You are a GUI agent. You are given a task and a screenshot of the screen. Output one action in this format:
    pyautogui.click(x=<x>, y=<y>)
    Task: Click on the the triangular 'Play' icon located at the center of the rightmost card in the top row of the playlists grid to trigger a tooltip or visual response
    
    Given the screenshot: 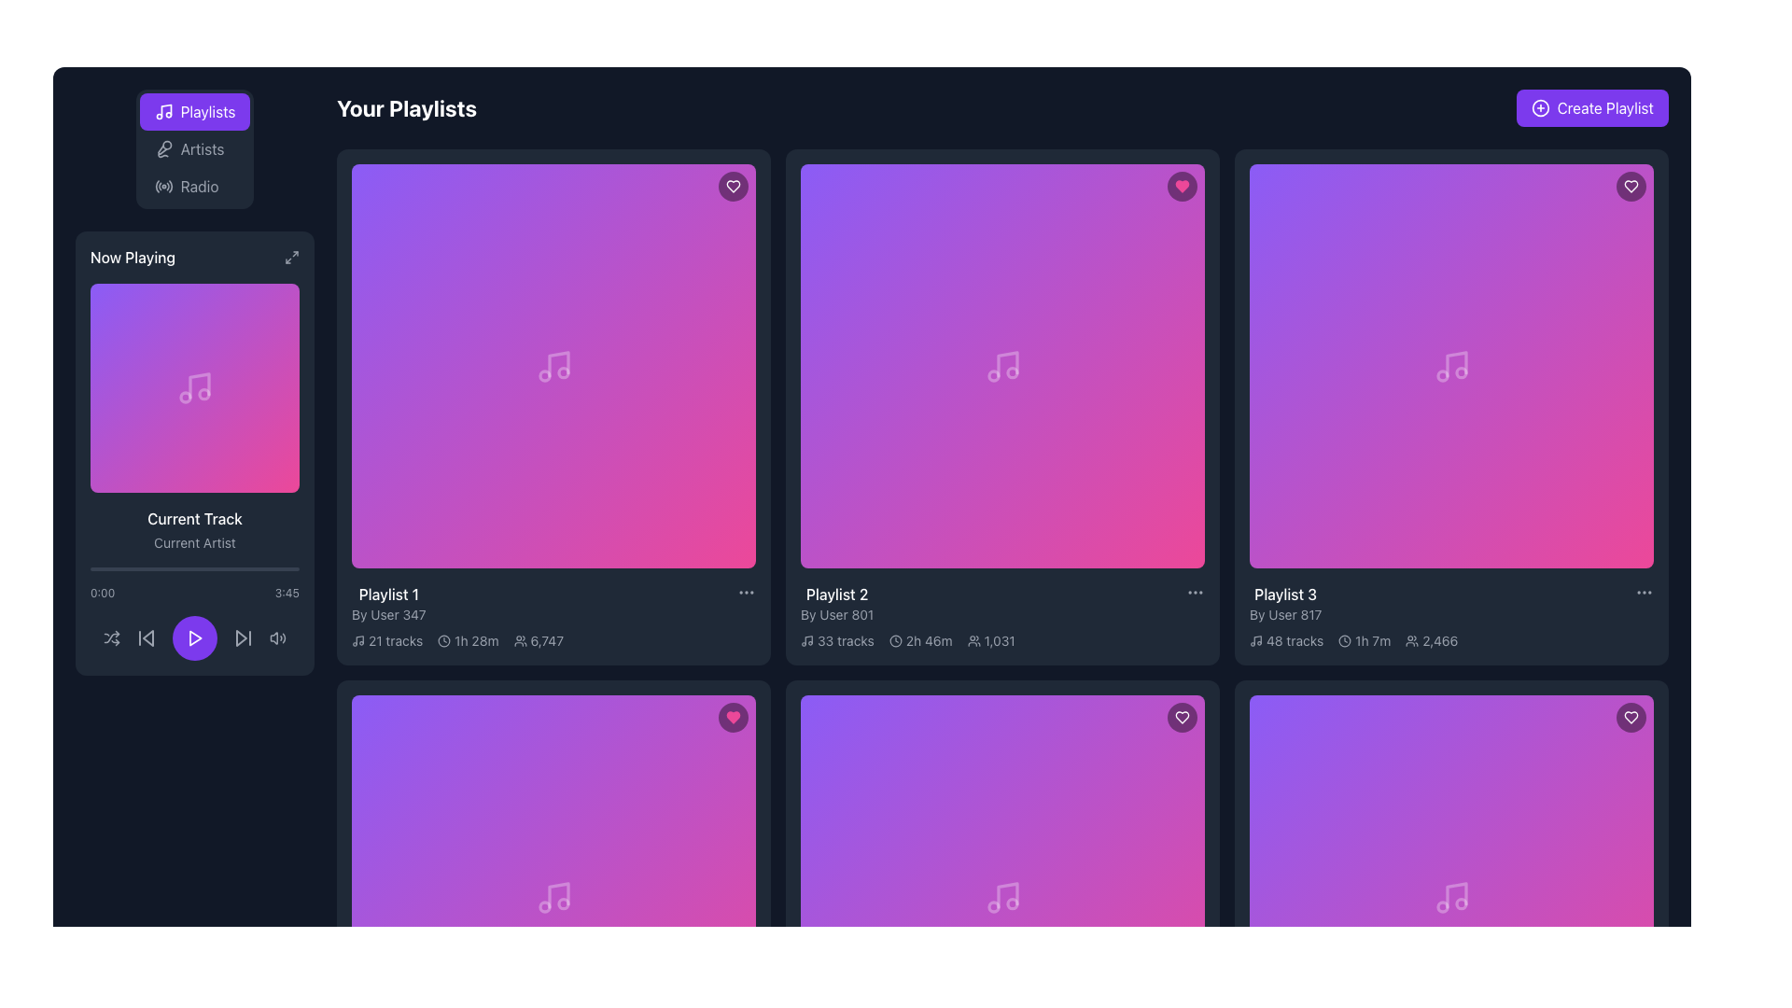 What is the action you would take?
    pyautogui.click(x=1451, y=366)
    